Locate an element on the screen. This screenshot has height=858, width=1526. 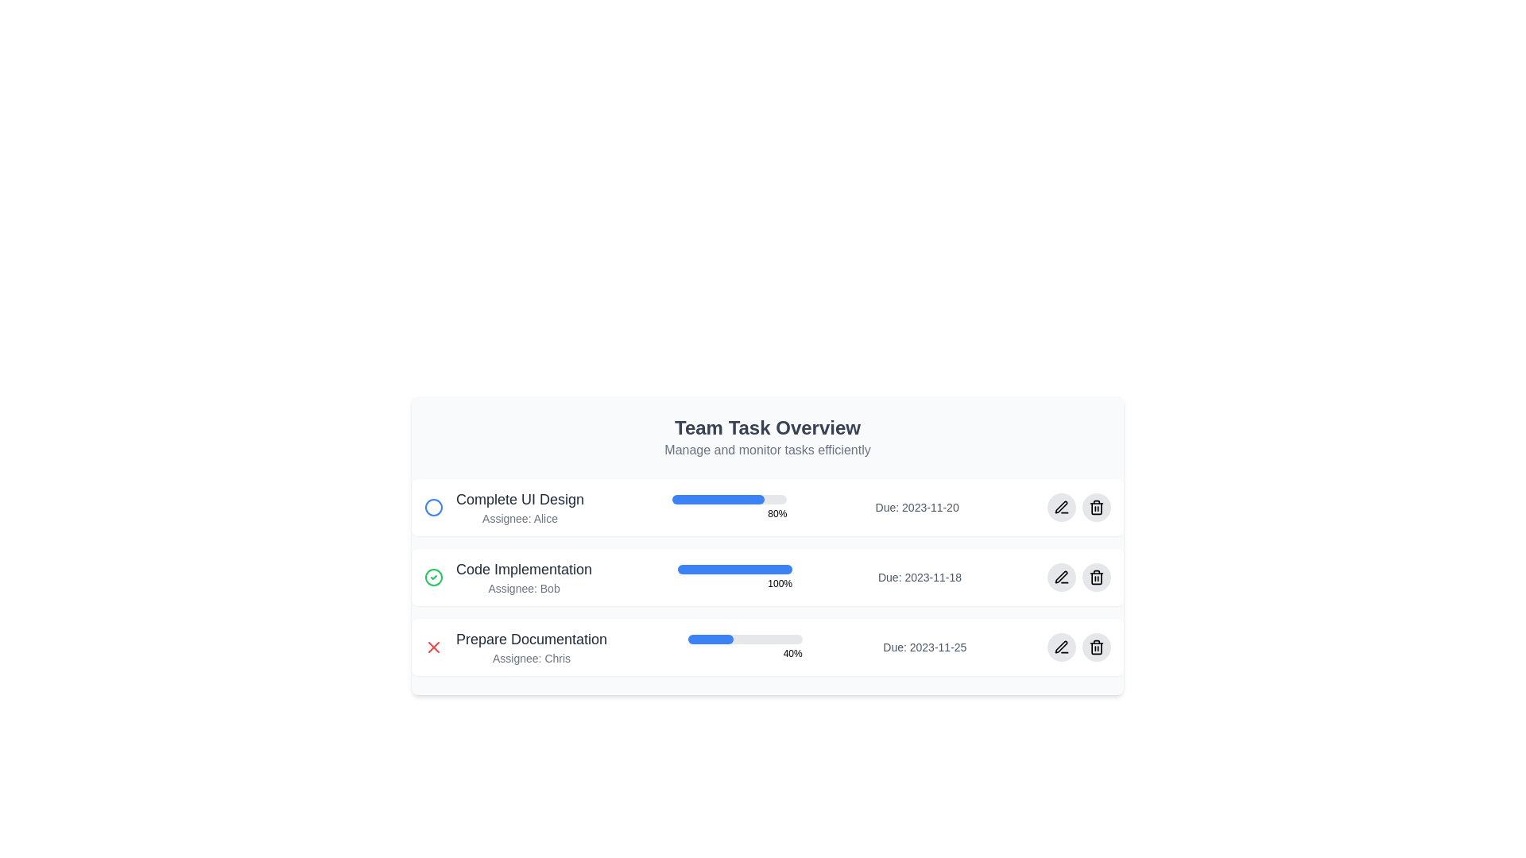
the task item description displaying the task's title, assignee's name, and status icon is located at coordinates (503, 508).